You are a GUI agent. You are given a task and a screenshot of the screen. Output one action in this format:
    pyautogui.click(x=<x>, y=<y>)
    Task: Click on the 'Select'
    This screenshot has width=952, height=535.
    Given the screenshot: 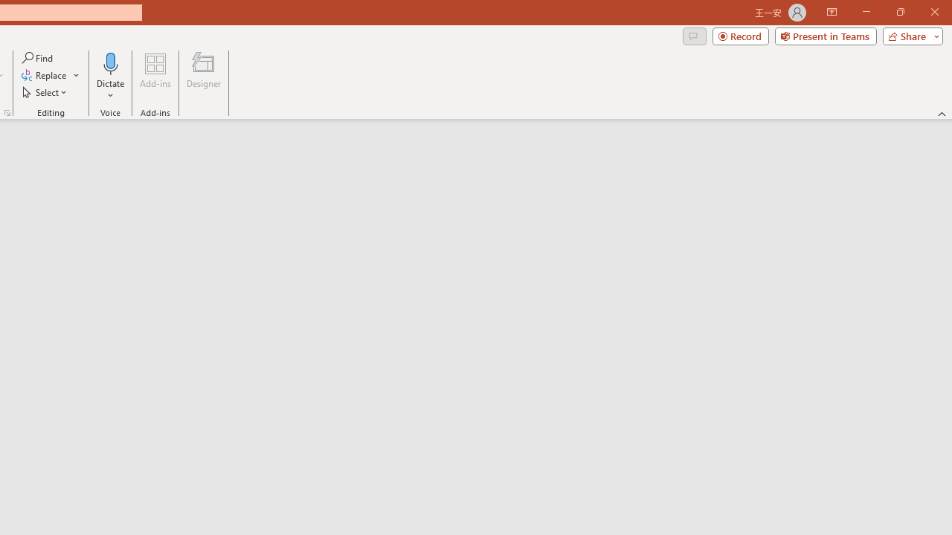 What is the action you would take?
    pyautogui.click(x=45, y=92)
    